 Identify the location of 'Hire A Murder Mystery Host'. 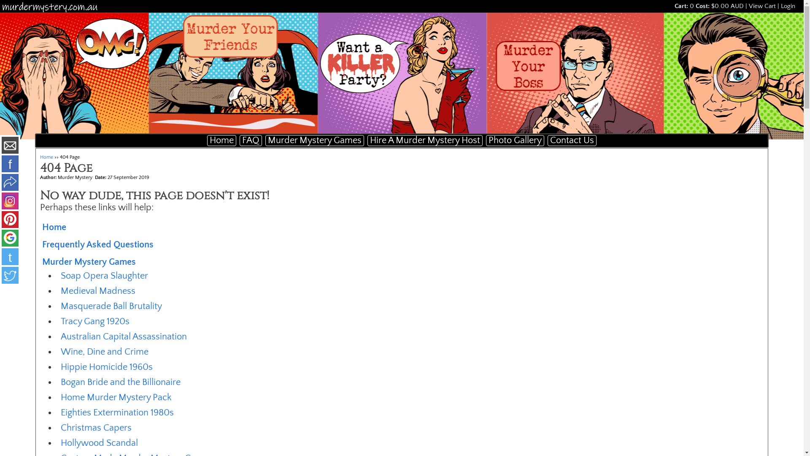
(370, 140).